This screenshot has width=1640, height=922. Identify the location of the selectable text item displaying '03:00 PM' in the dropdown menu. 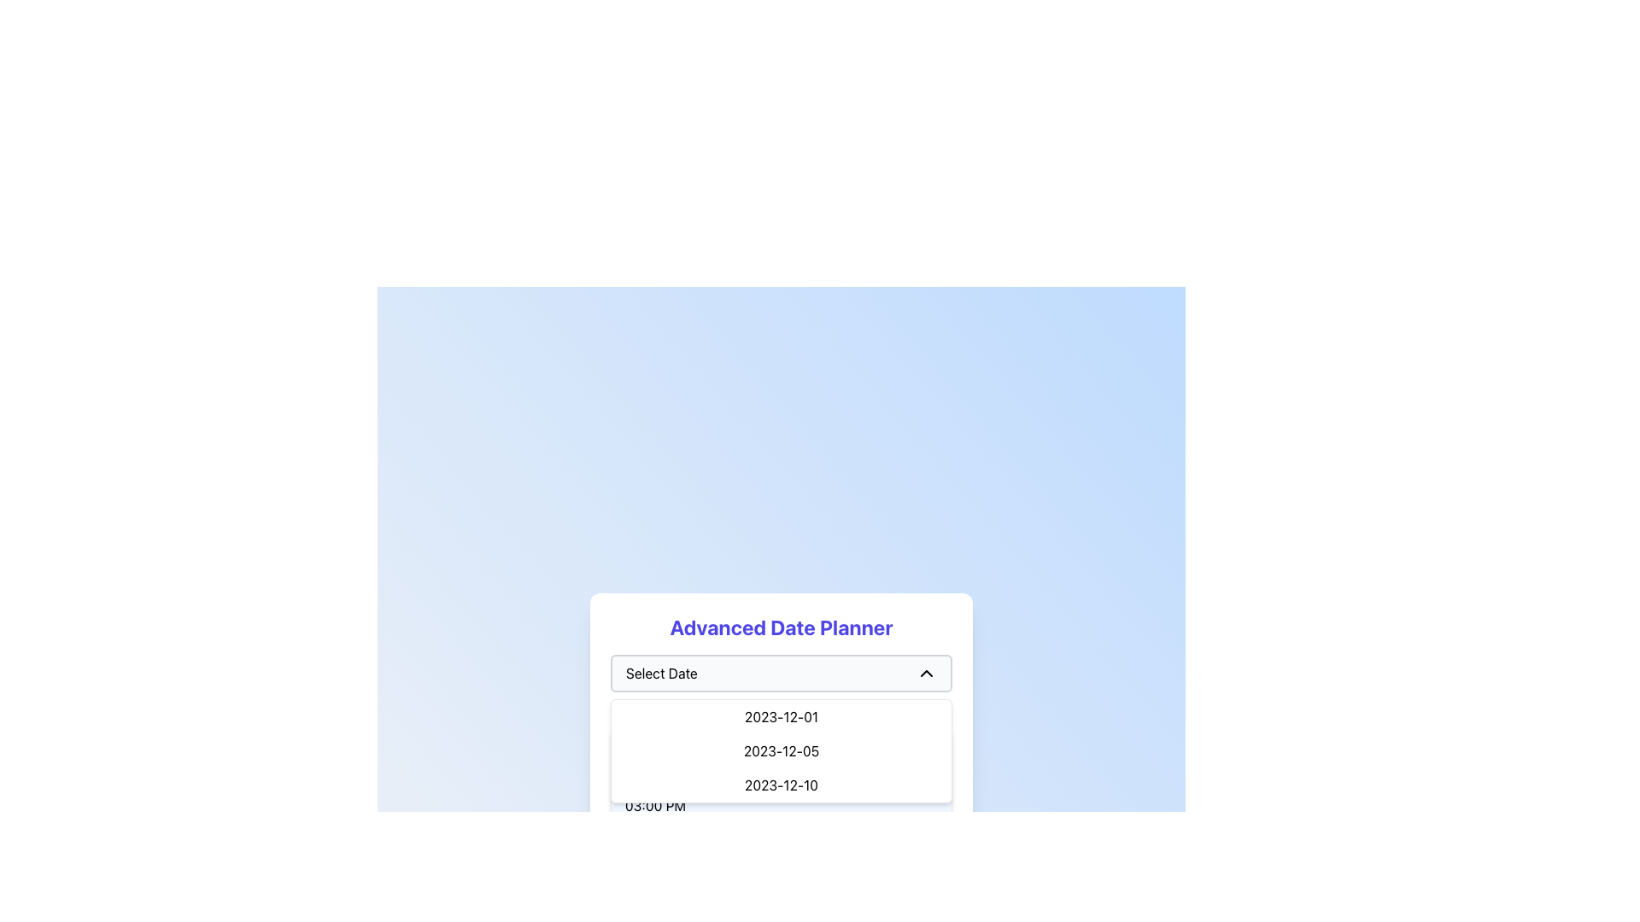
(781, 806).